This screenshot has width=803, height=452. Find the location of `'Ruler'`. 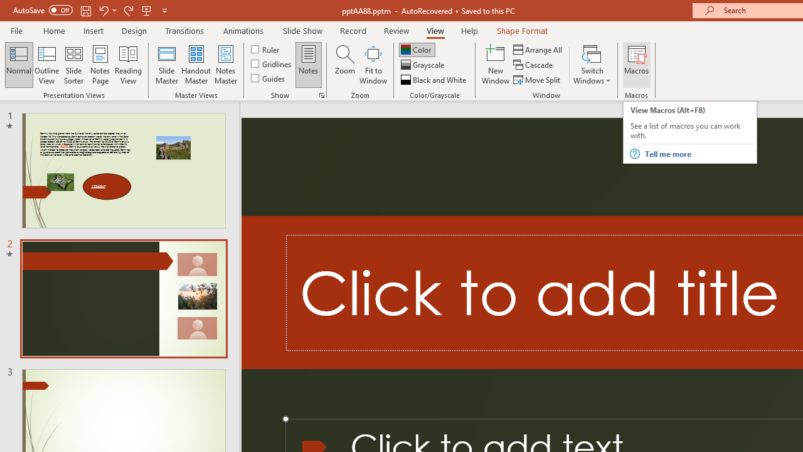

'Ruler' is located at coordinates (265, 48).